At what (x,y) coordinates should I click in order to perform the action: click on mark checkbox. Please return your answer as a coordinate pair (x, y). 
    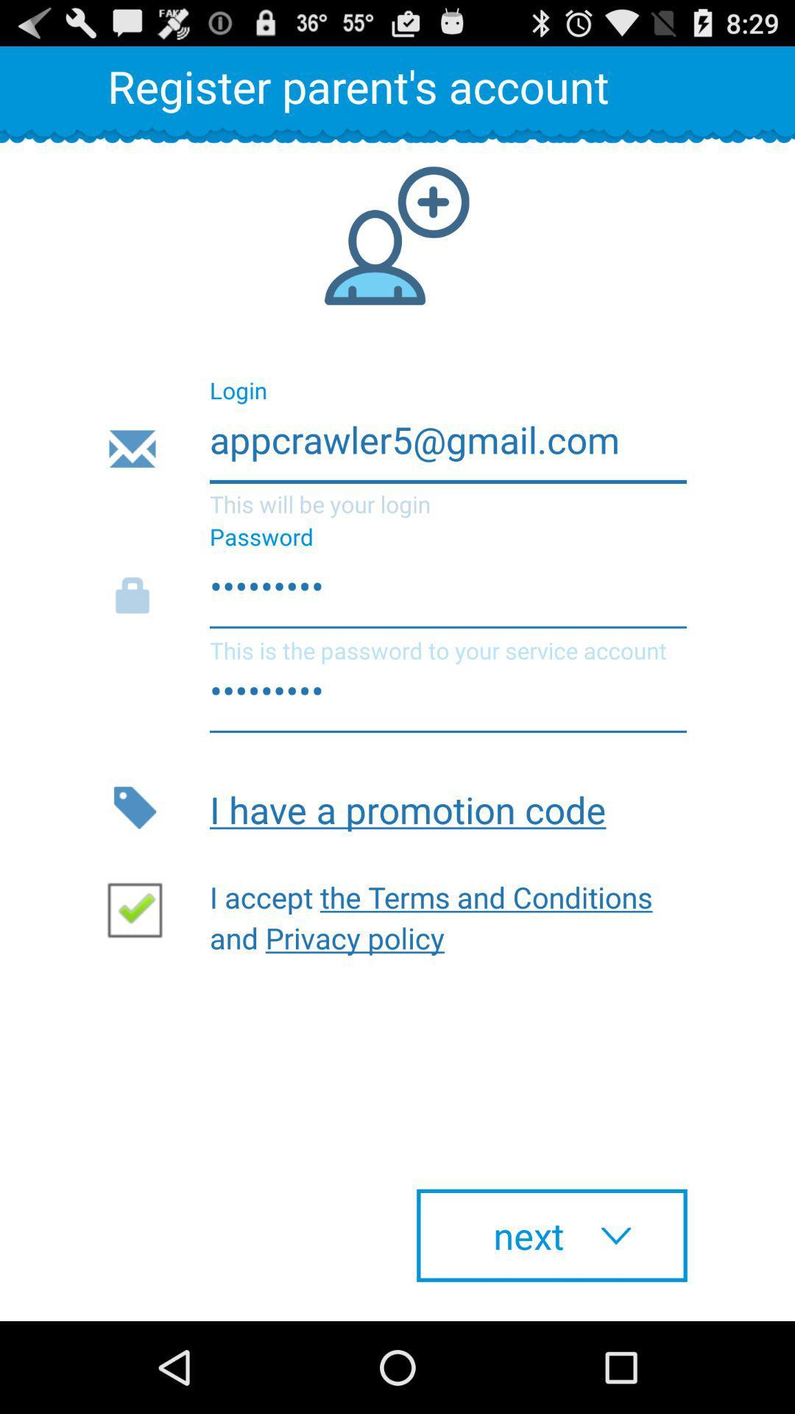
    Looking at the image, I should click on (141, 908).